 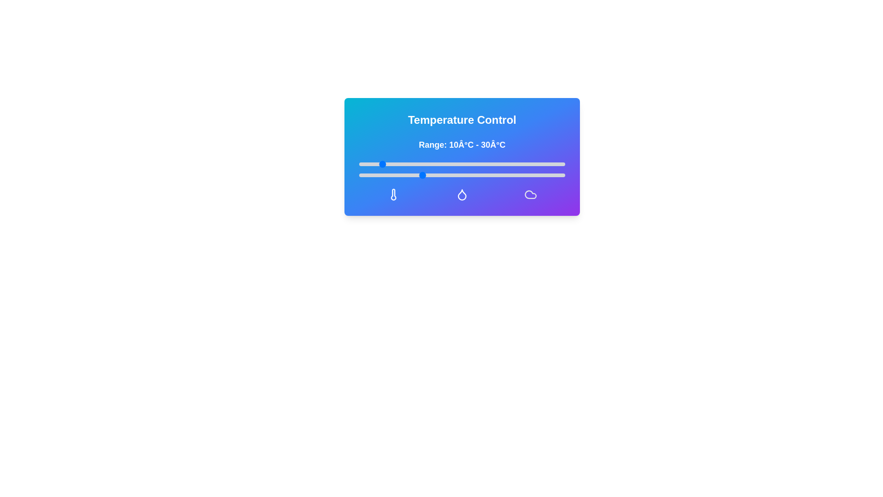 I want to click on the temperature, so click(x=524, y=164).